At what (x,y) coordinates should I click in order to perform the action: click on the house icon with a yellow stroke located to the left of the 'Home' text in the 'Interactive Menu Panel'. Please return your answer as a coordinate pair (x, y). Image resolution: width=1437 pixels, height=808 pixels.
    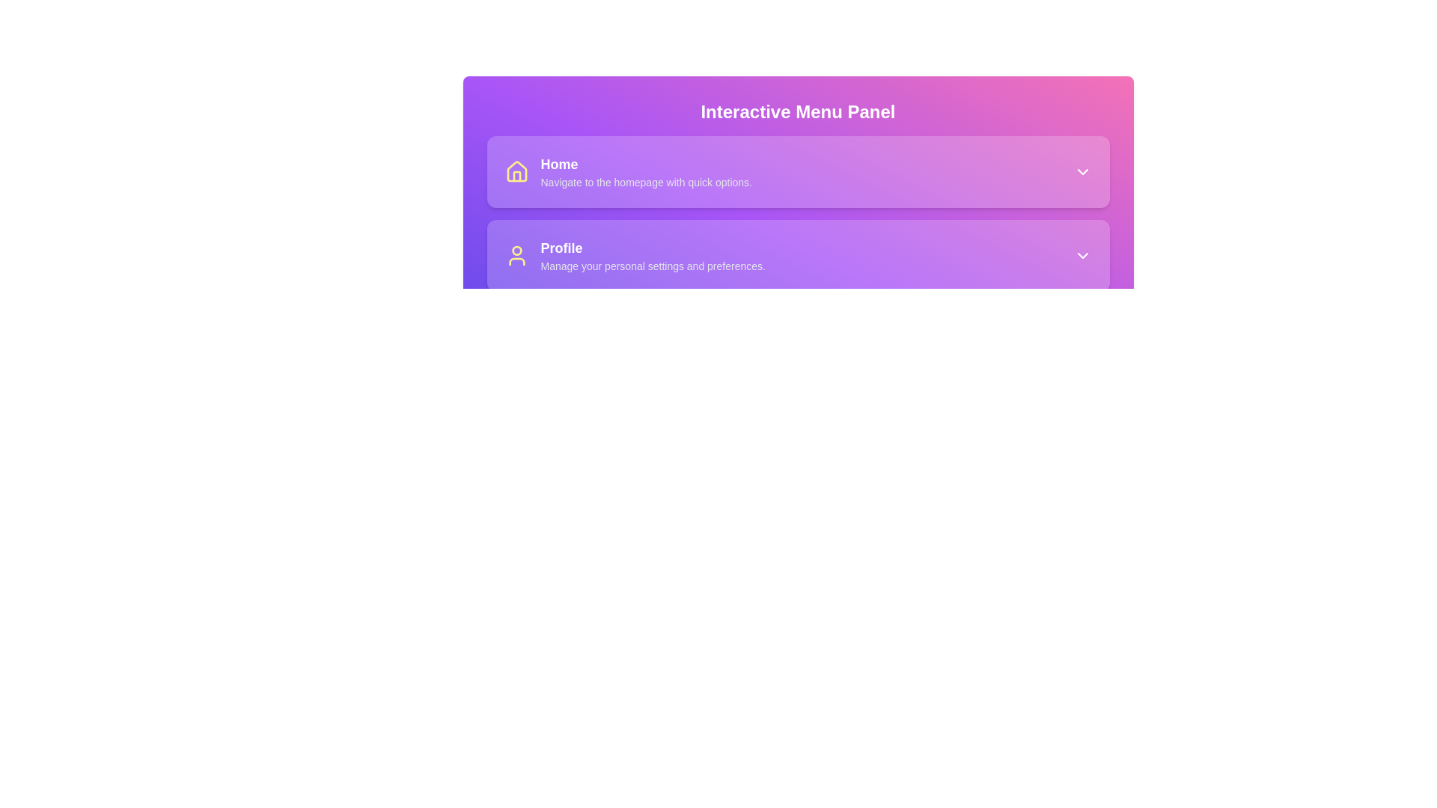
    Looking at the image, I should click on (516, 171).